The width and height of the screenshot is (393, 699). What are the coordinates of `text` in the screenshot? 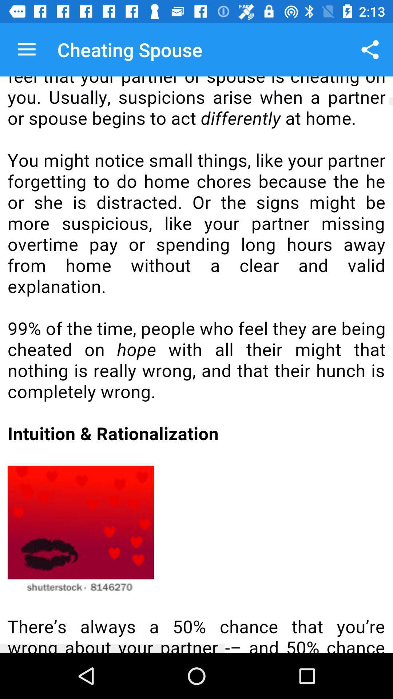 It's located at (196, 365).